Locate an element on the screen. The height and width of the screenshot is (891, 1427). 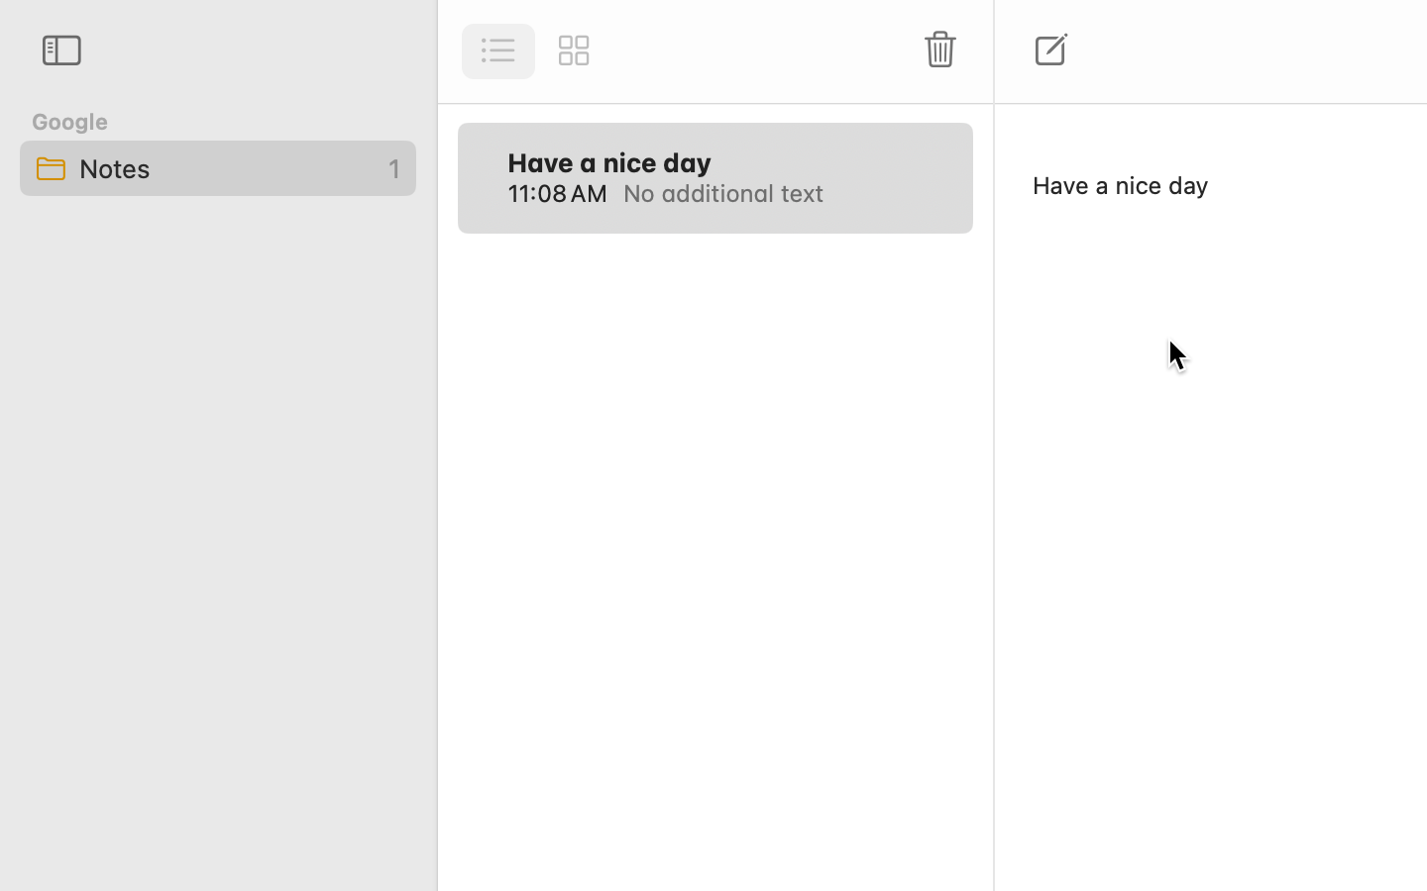
'11:08 AM' is located at coordinates (557, 193).